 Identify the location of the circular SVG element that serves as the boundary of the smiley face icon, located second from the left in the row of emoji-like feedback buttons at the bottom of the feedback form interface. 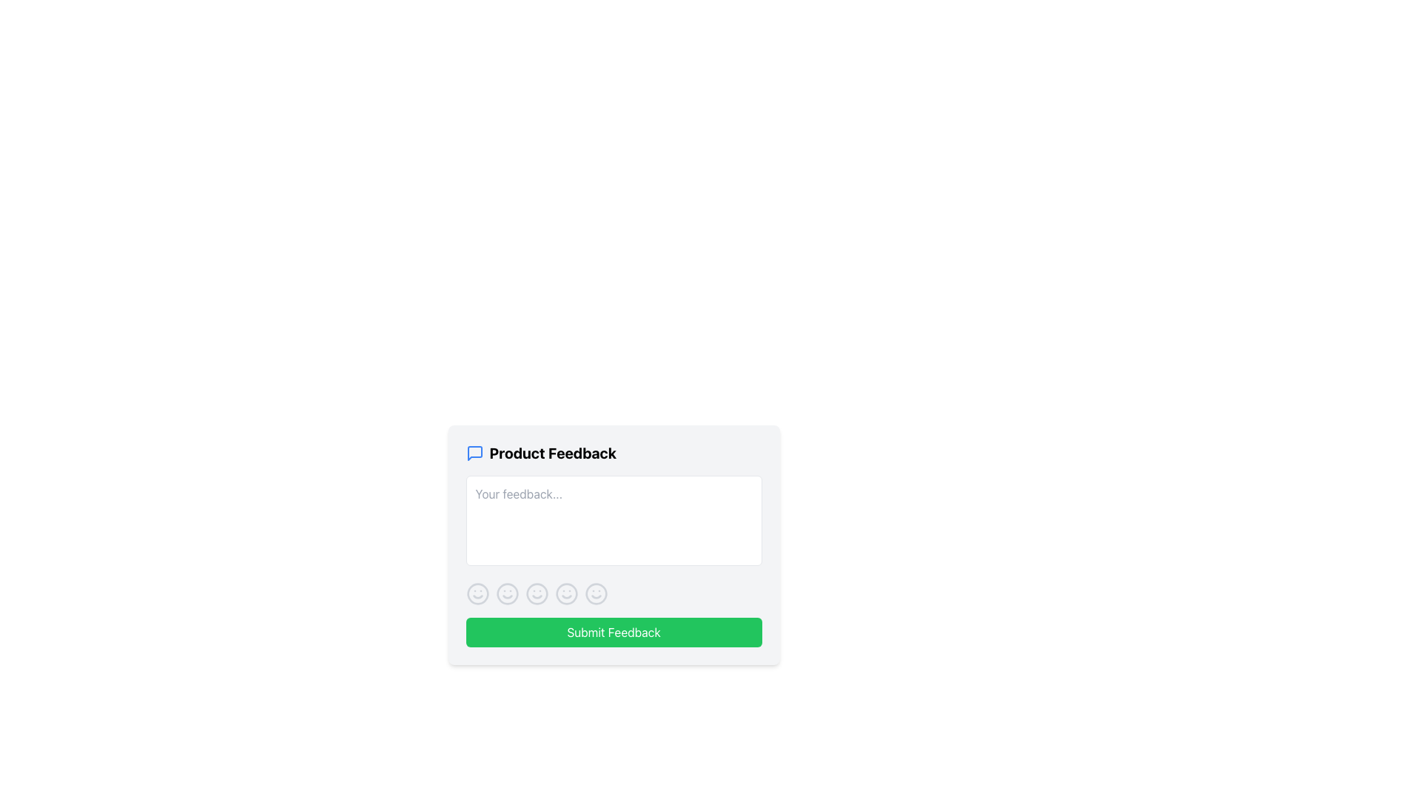
(536, 593).